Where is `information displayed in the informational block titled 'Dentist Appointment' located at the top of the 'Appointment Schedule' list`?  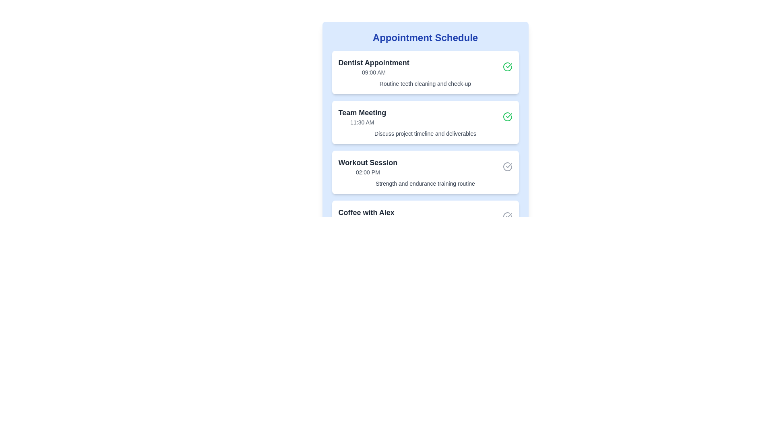
information displayed in the informational block titled 'Dentist Appointment' located at the top of the 'Appointment Schedule' list is located at coordinates (425, 66).